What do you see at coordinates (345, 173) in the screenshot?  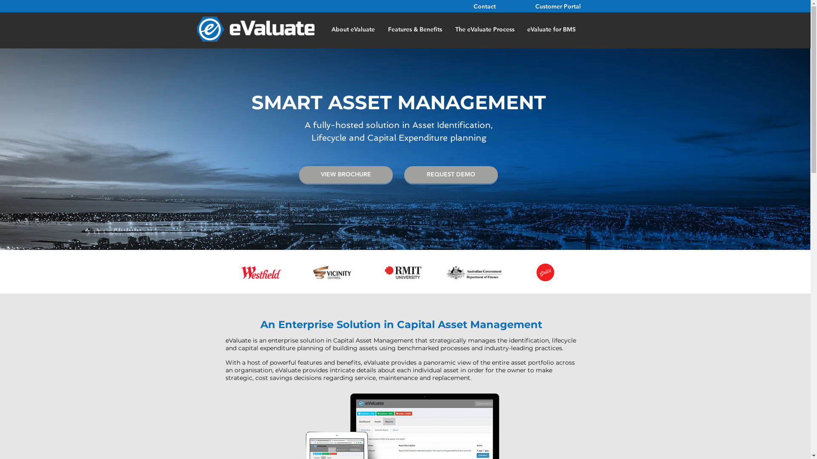 I see `'VIEW BROCHURE'` at bounding box center [345, 173].